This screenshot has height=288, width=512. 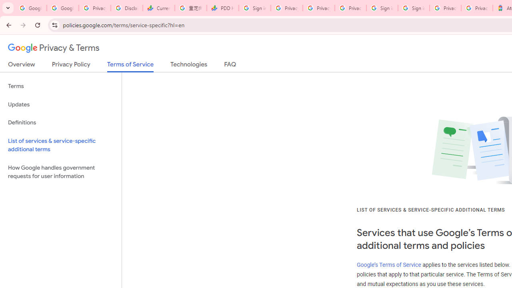 I want to click on 'Google Workspace Admin Community', so click(x=30, y=8).